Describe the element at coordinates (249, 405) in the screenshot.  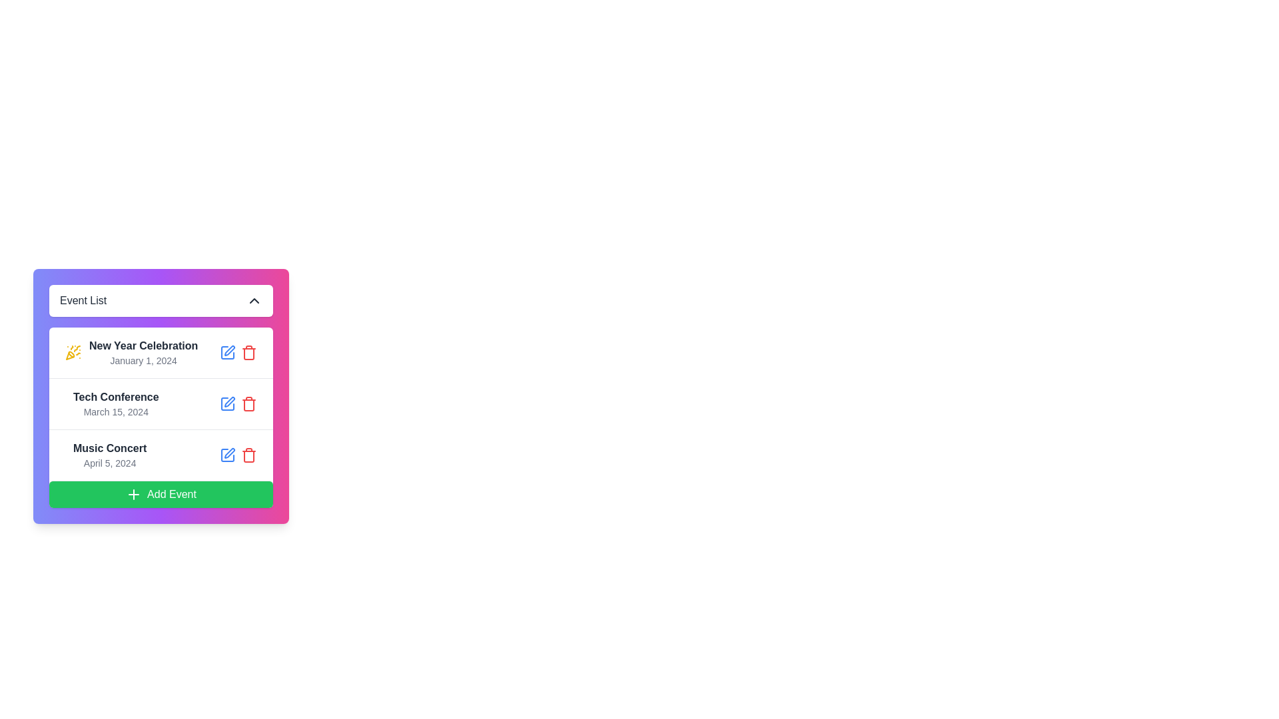
I see `the delete icon button` at that location.